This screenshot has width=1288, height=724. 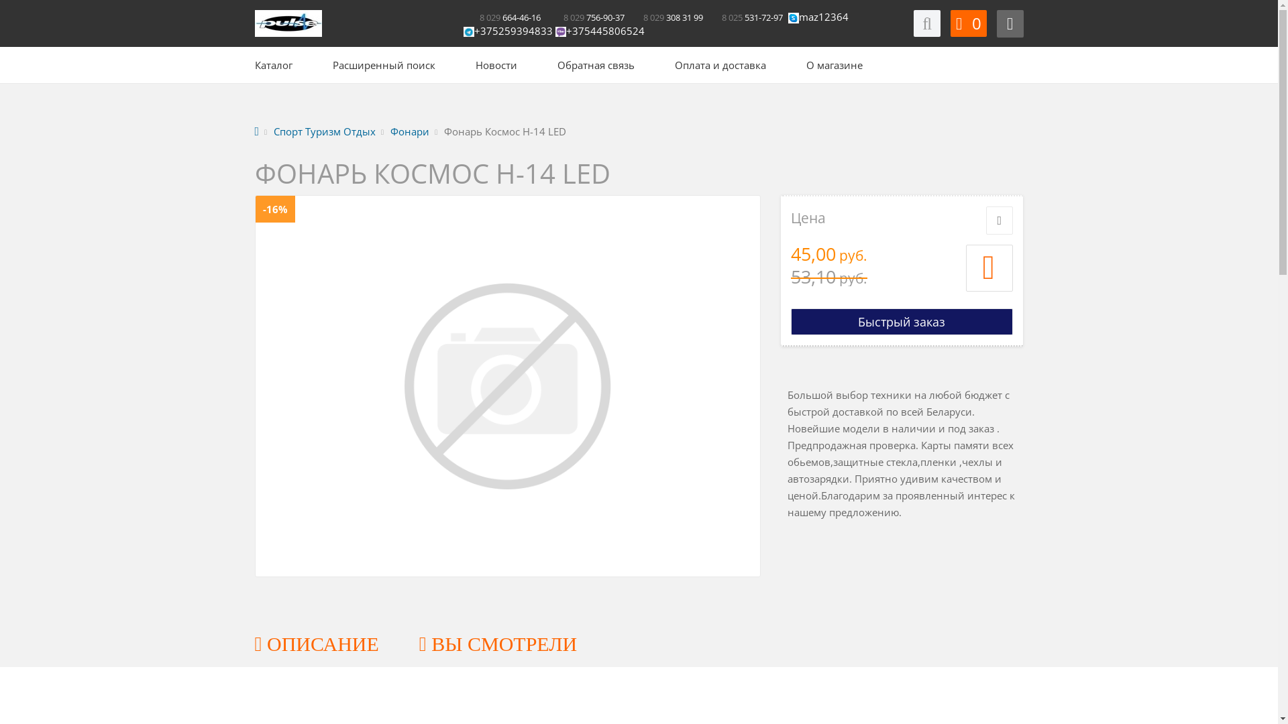 What do you see at coordinates (823, 16) in the screenshot?
I see `'maz12364 '` at bounding box center [823, 16].